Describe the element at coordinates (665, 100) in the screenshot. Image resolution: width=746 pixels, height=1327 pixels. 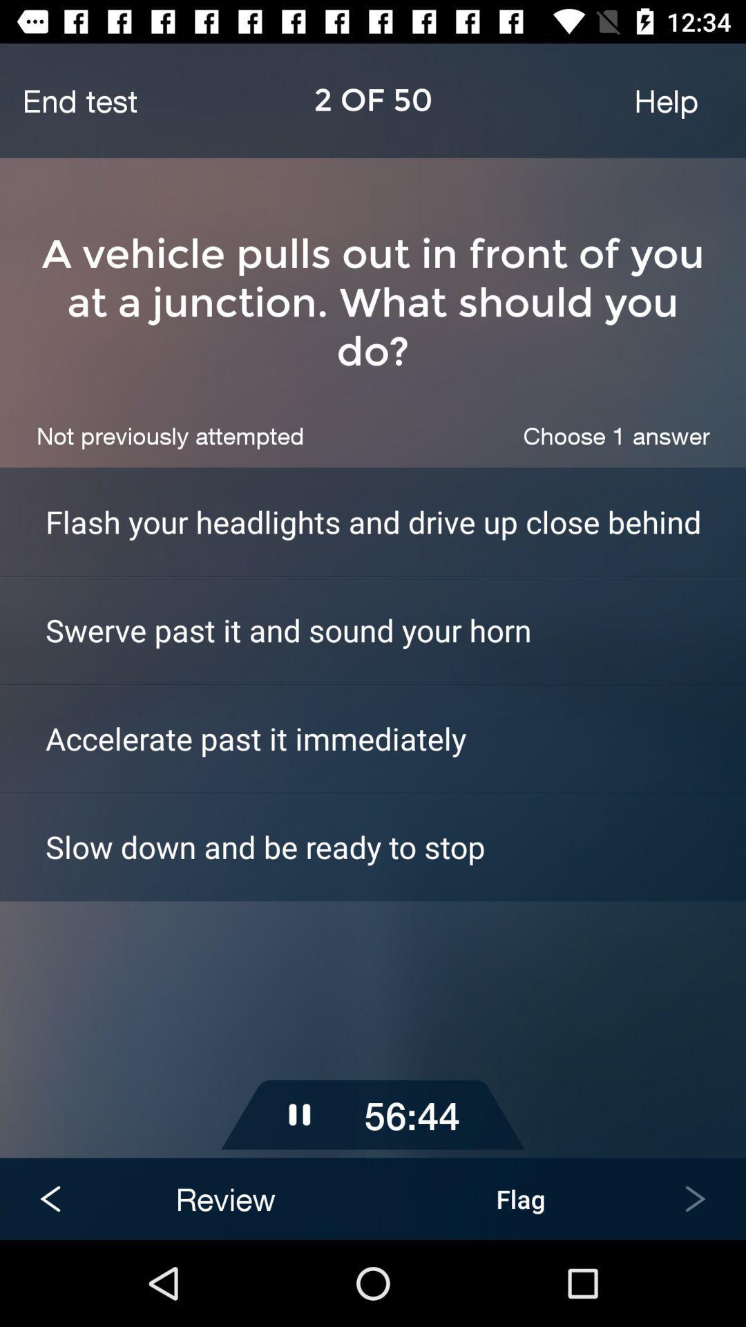
I see `the item next to end test icon` at that location.